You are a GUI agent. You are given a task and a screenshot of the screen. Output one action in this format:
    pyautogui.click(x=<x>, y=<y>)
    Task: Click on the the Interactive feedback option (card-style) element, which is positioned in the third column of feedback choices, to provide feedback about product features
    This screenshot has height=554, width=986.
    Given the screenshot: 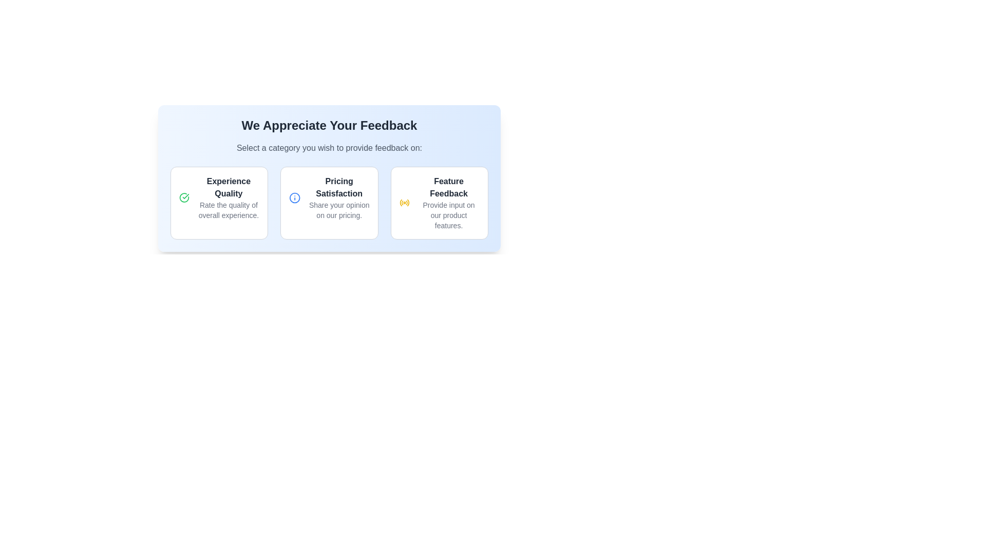 What is the action you would take?
    pyautogui.click(x=439, y=203)
    